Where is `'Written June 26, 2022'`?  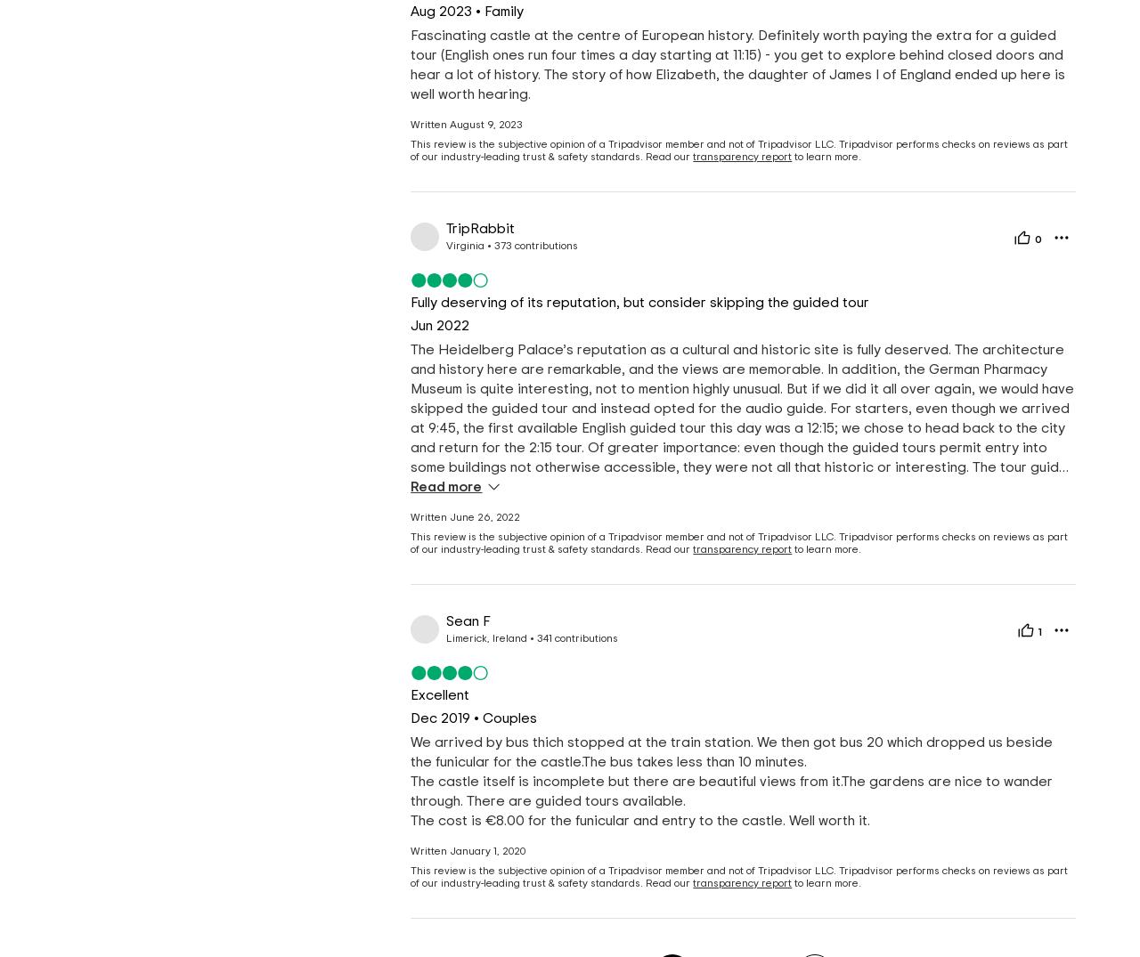 'Written June 26, 2022' is located at coordinates (465, 517).